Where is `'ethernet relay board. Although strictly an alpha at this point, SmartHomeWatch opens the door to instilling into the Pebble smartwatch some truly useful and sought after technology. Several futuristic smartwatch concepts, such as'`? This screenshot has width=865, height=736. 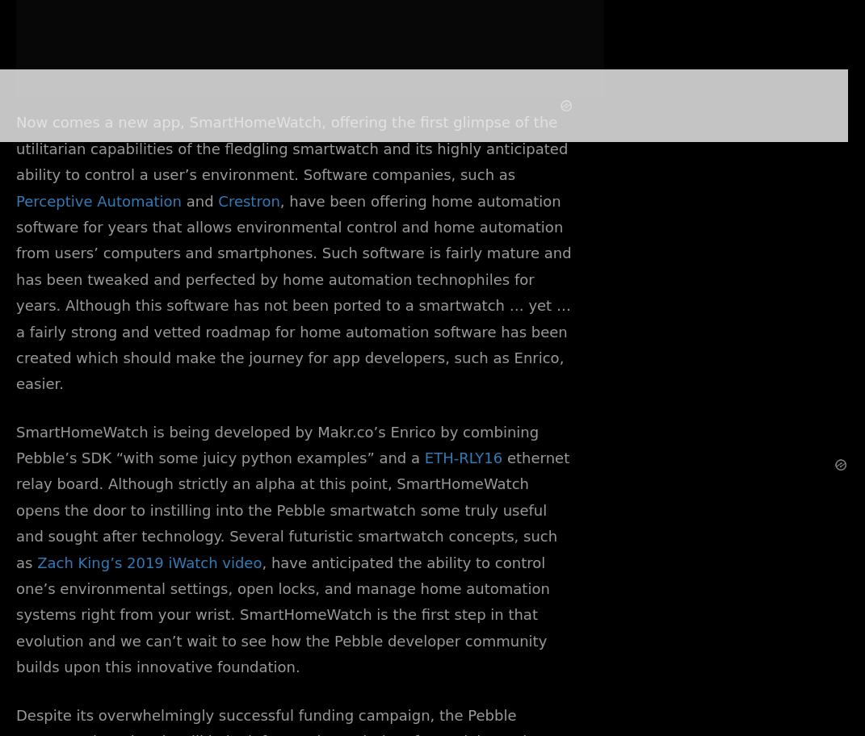
'ethernet relay board. Although strictly an alpha at this point, SmartHomeWatch opens the door to instilling into the Pebble smartwatch some truly useful and sought after technology. Several futuristic smartwatch concepts, such as' is located at coordinates (15, 510).